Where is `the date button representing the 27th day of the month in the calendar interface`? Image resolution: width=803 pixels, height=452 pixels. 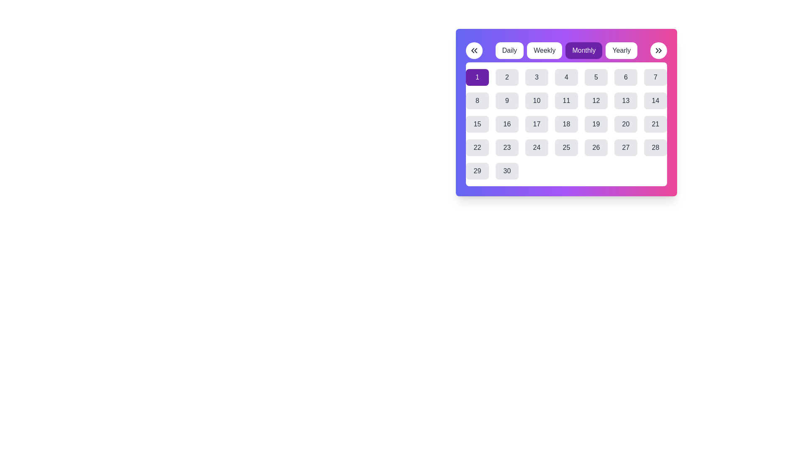
the date button representing the 27th day of the month in the calendar interface is located at coordinates (626, 147).